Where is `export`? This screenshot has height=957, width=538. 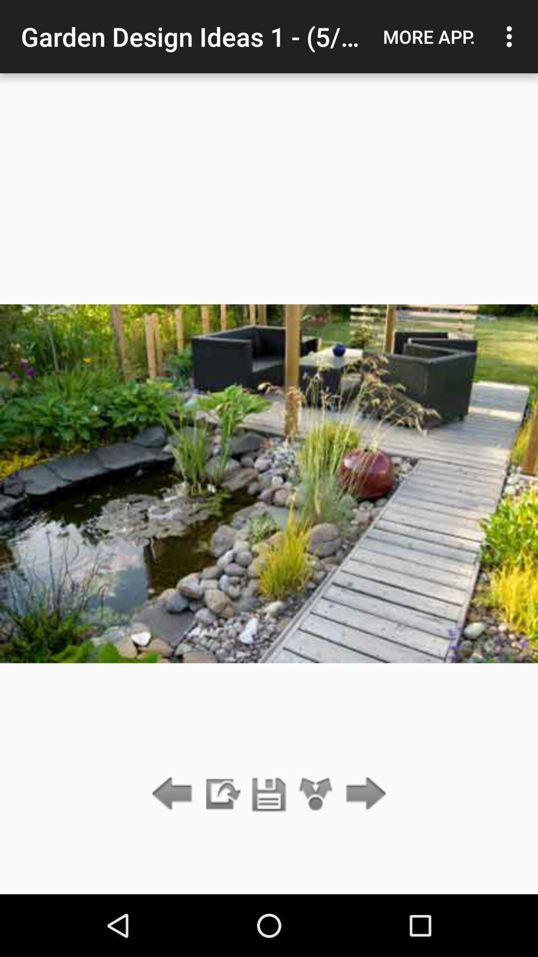
export is located at coordinates (221, 794).